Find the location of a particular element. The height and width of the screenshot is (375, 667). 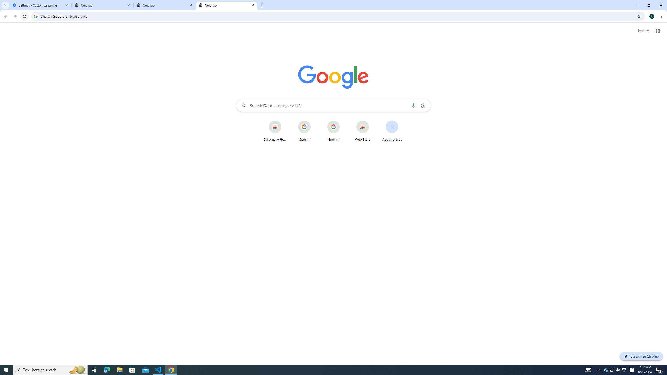

'New Tab' is located at coordinates (226, 5).